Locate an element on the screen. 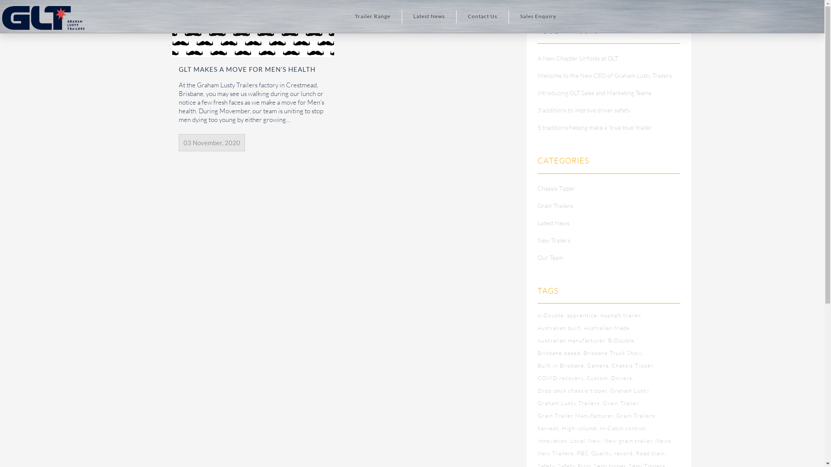 Image resolution: width=831 pixels, height=467 pixels. 'New' is located at coordinates (595, 440).